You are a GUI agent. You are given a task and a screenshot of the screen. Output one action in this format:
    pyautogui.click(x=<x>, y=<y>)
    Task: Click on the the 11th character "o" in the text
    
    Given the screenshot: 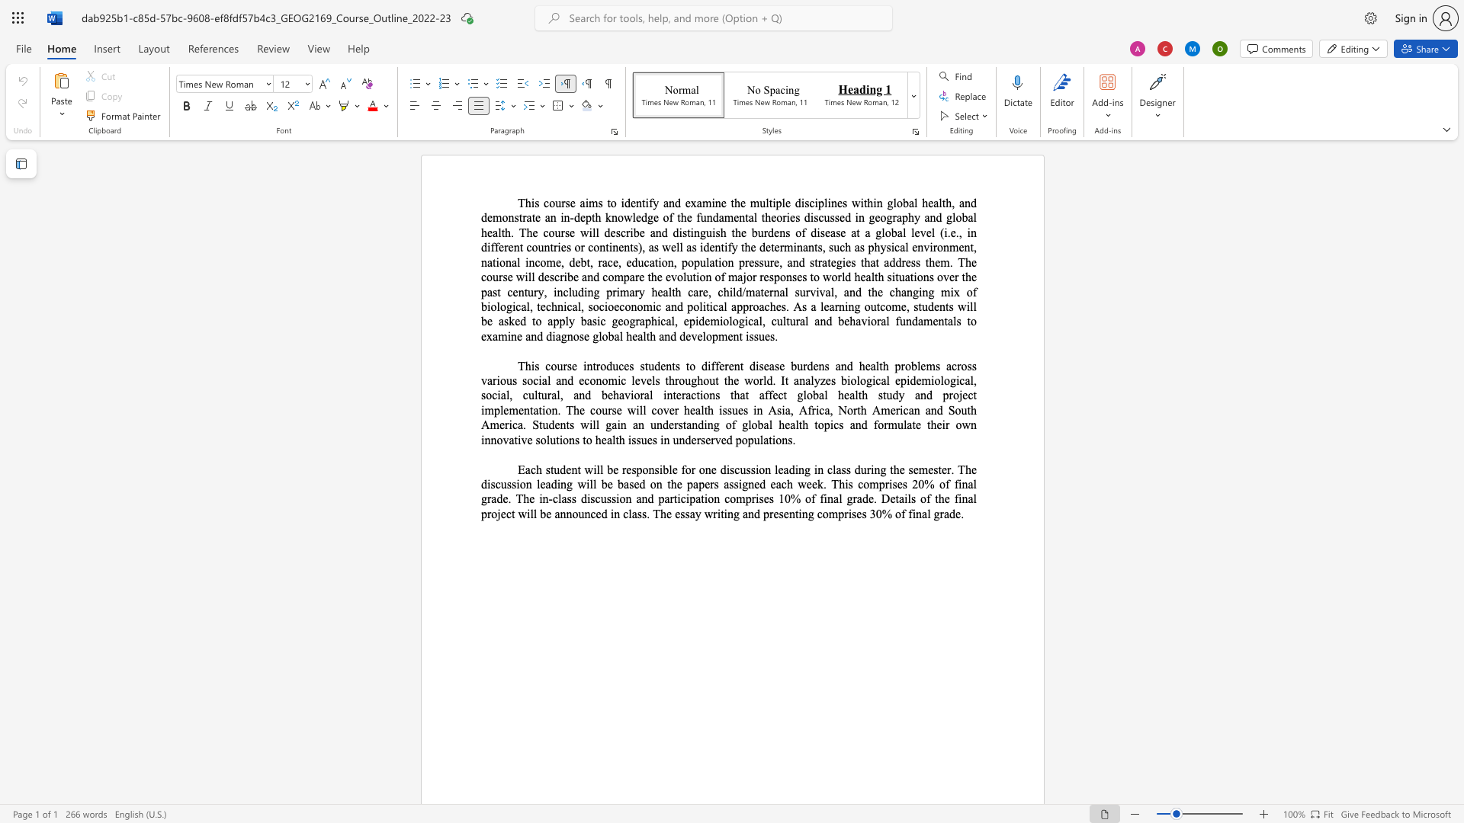 What is the action you would take?
    pyautogui.click(x=705, y=379)
    